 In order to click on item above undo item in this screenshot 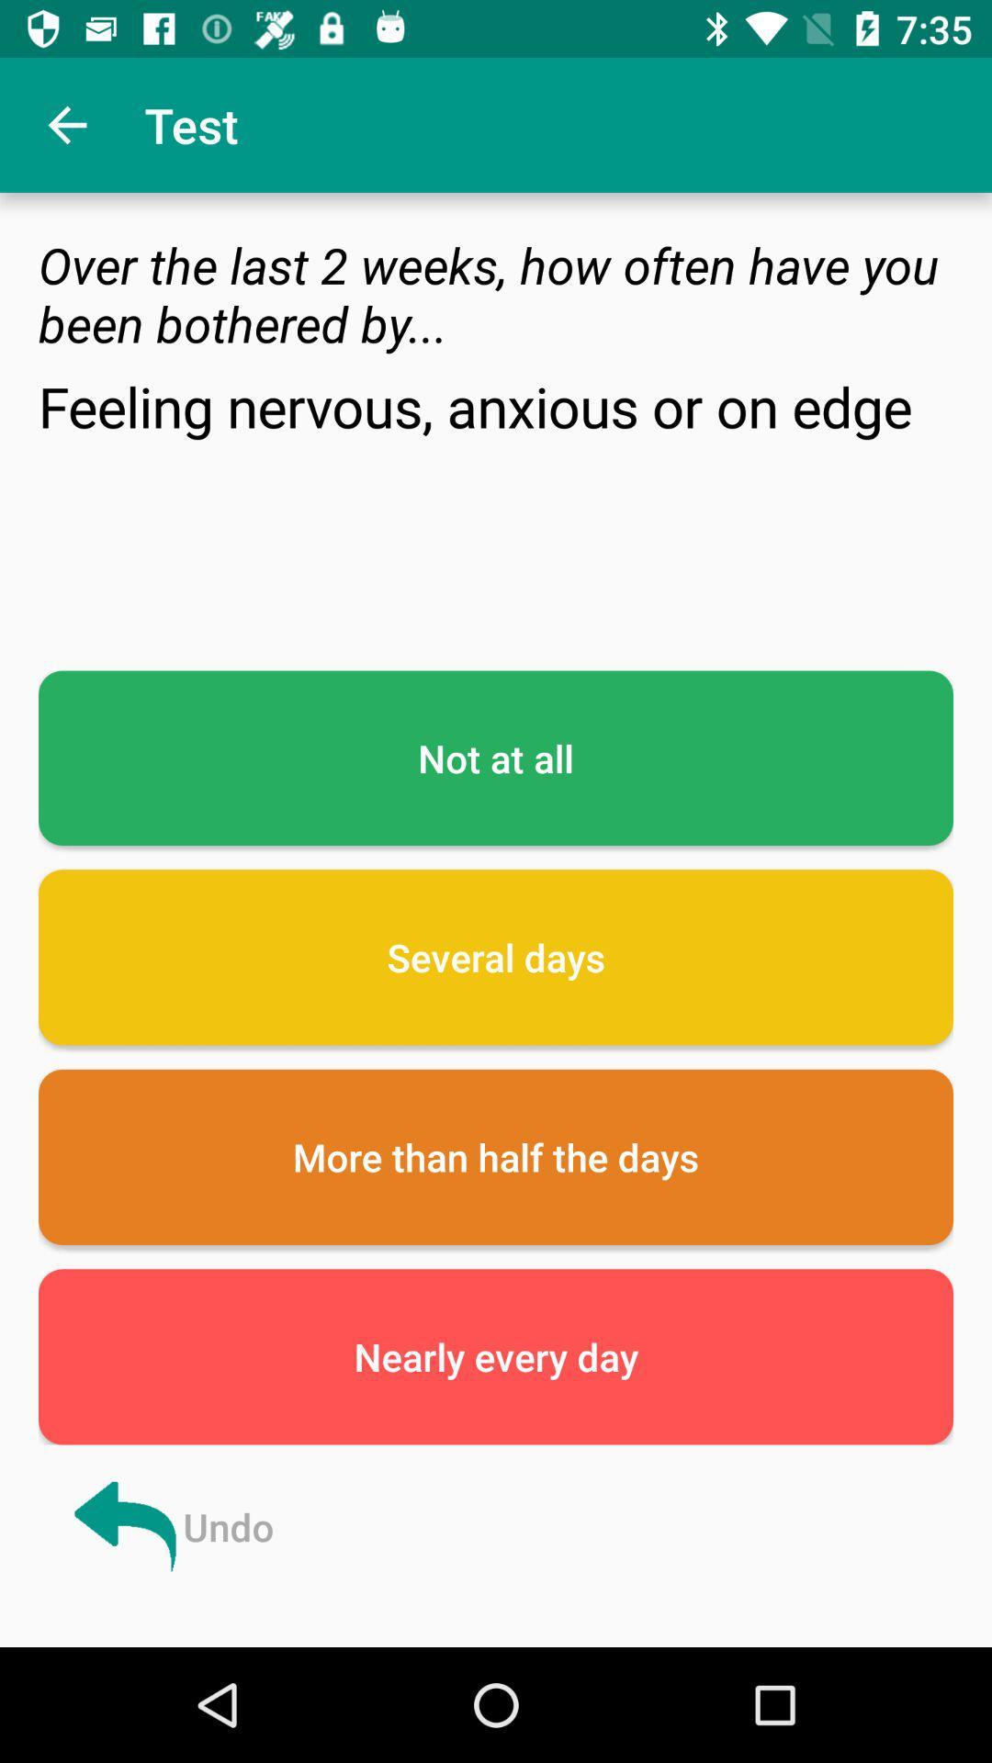, I will do `click(496, 1356)`.